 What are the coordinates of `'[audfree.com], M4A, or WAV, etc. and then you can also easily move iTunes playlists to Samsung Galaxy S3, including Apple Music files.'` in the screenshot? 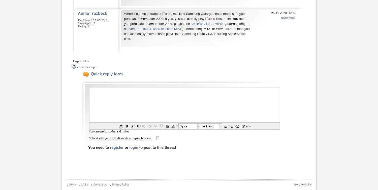 It's located at (124, 34).